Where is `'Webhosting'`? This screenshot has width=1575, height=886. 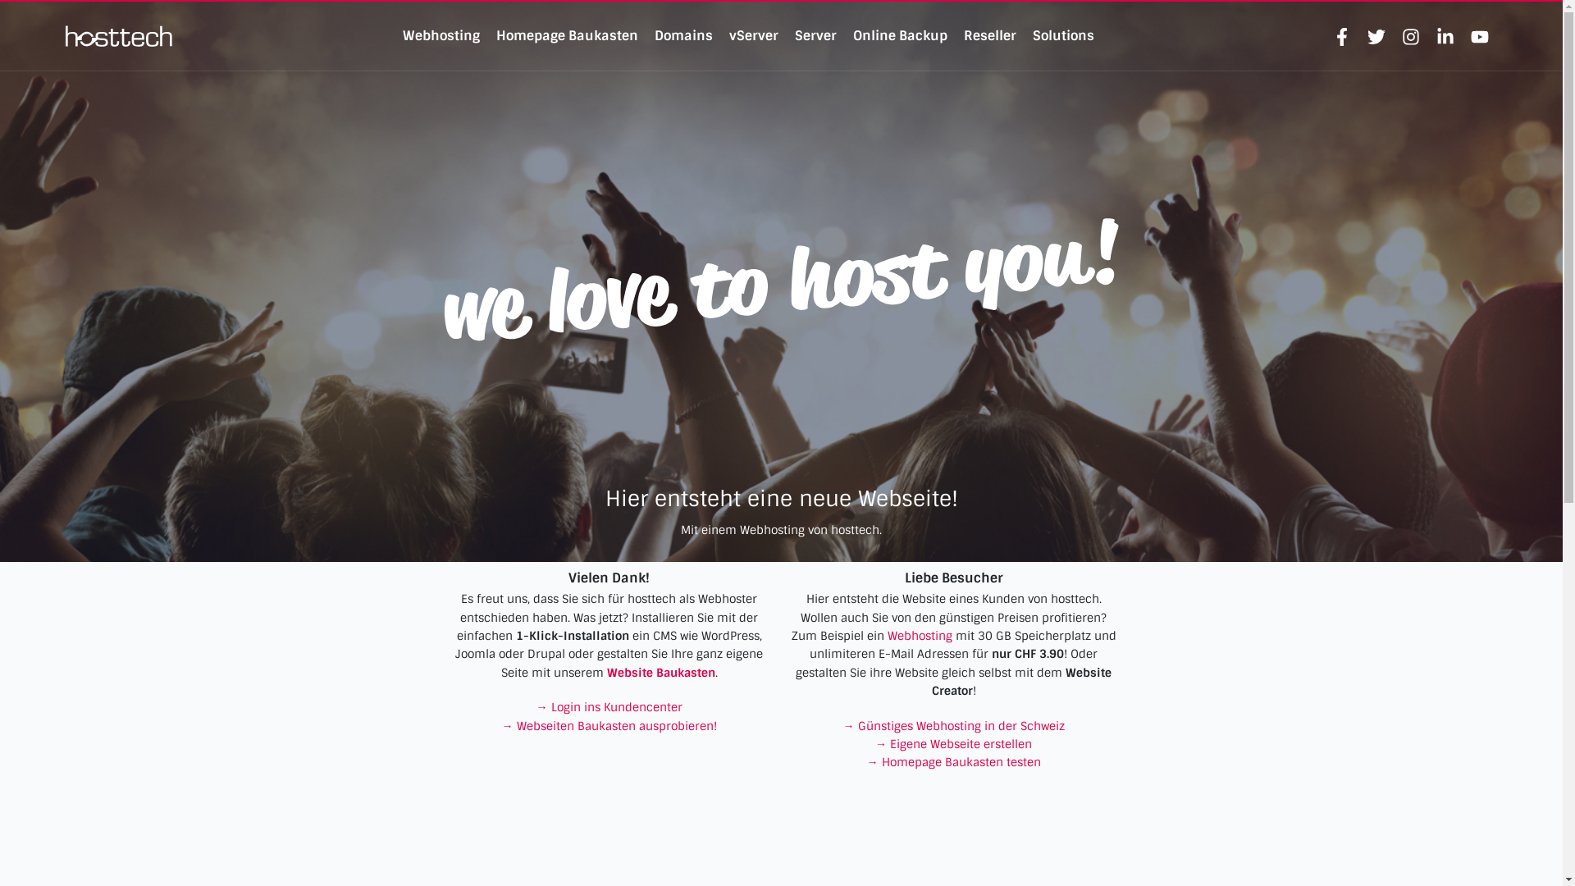 'Webhosting' is located at coordinates (441, 35).